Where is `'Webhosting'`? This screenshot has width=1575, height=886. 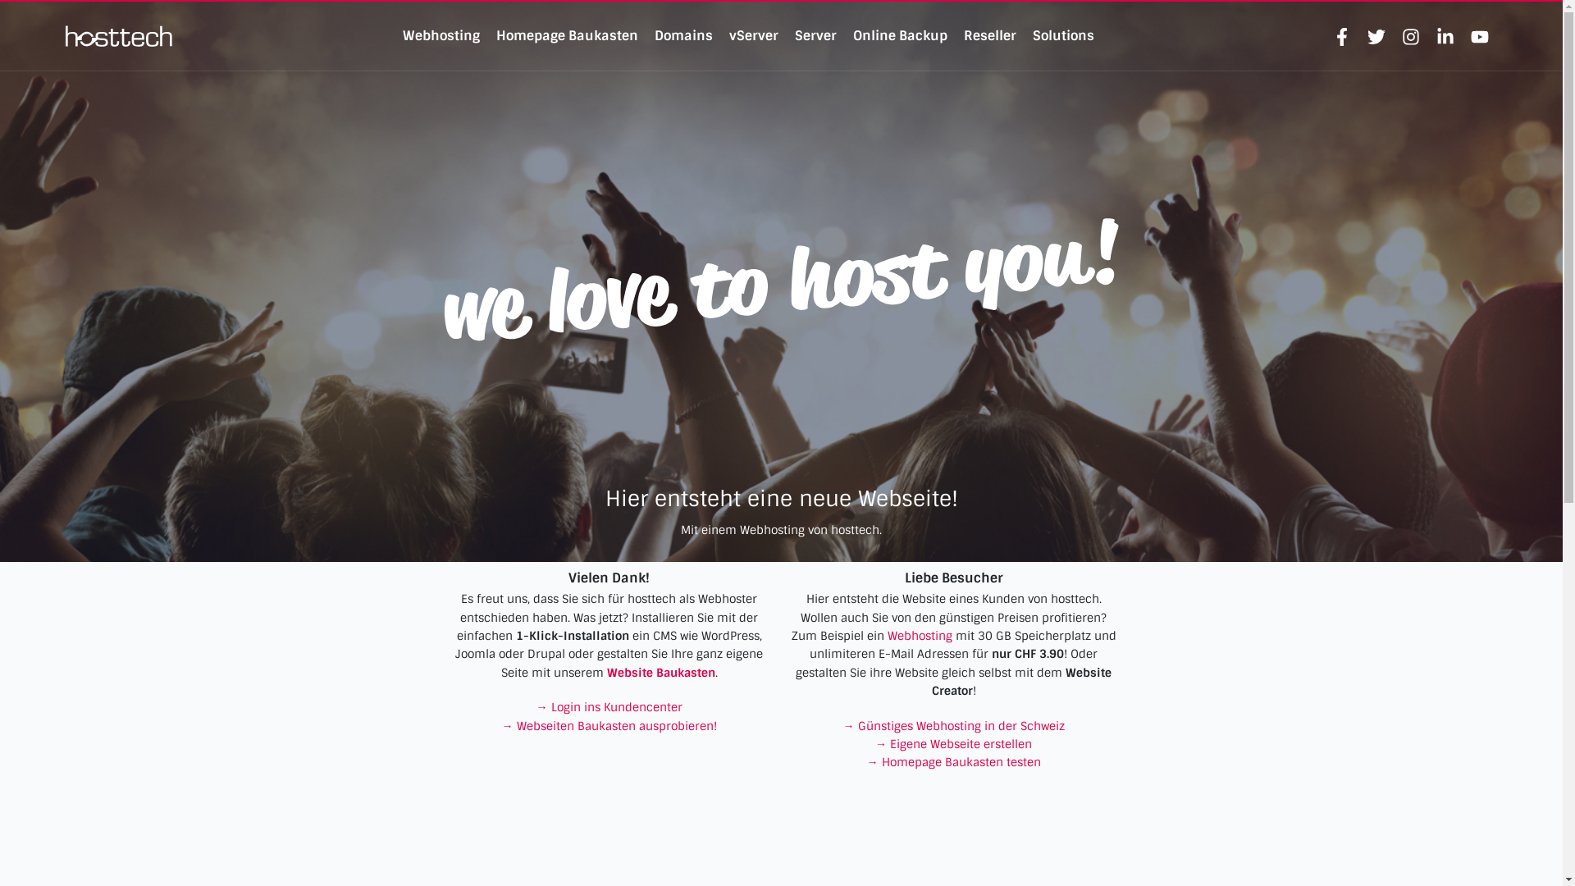 'Webhosting' is located at coordinates (441, 35).